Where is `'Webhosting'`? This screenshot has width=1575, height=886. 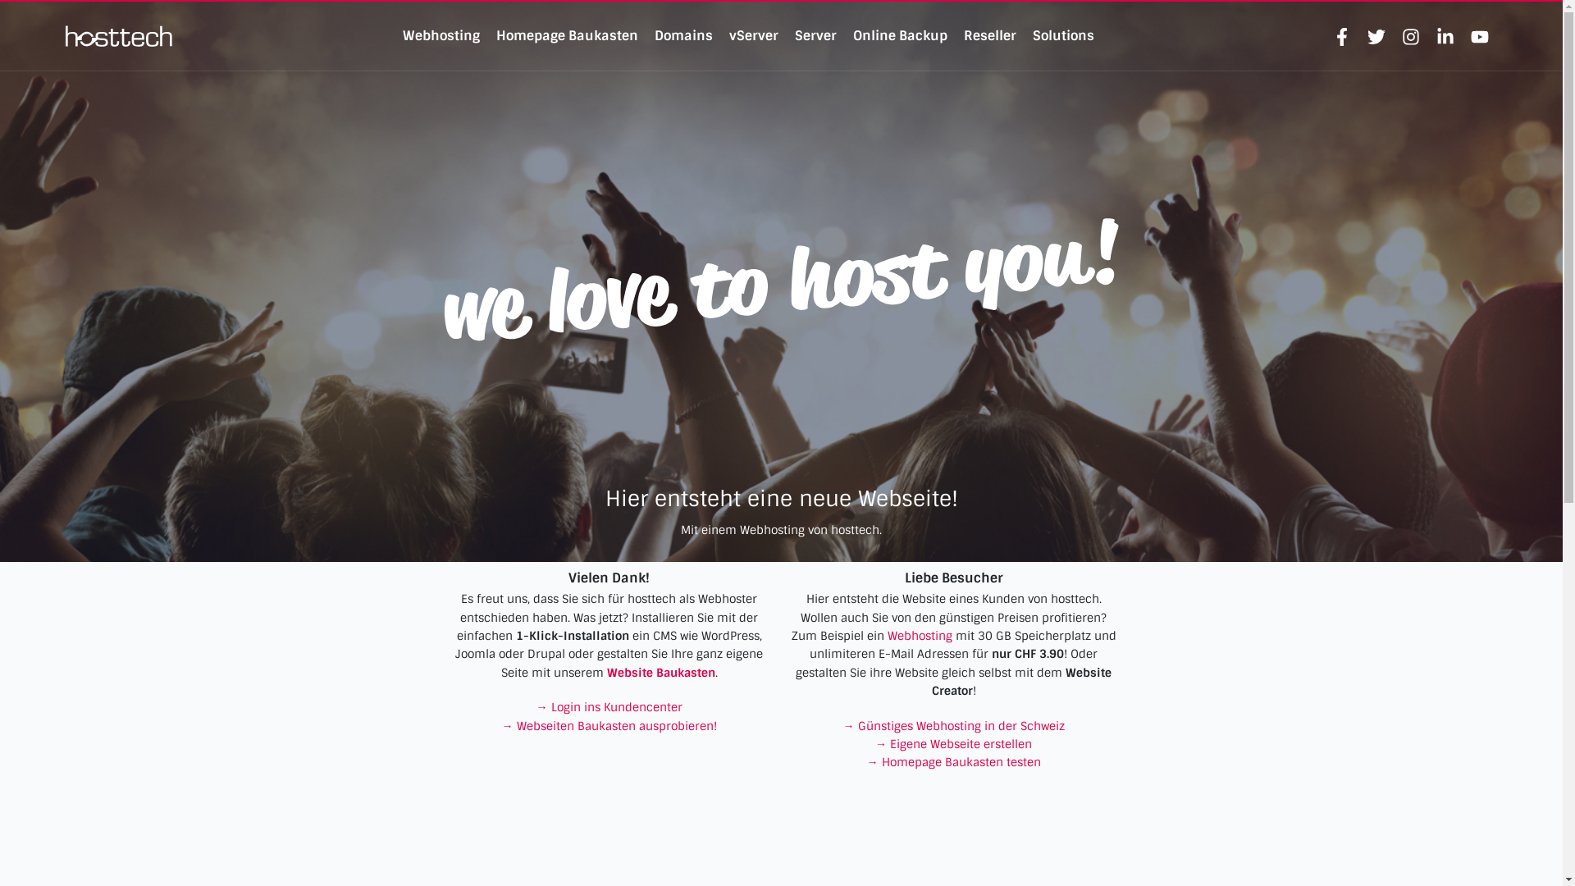 'Webhosting' is located at coordinates (441, 35).